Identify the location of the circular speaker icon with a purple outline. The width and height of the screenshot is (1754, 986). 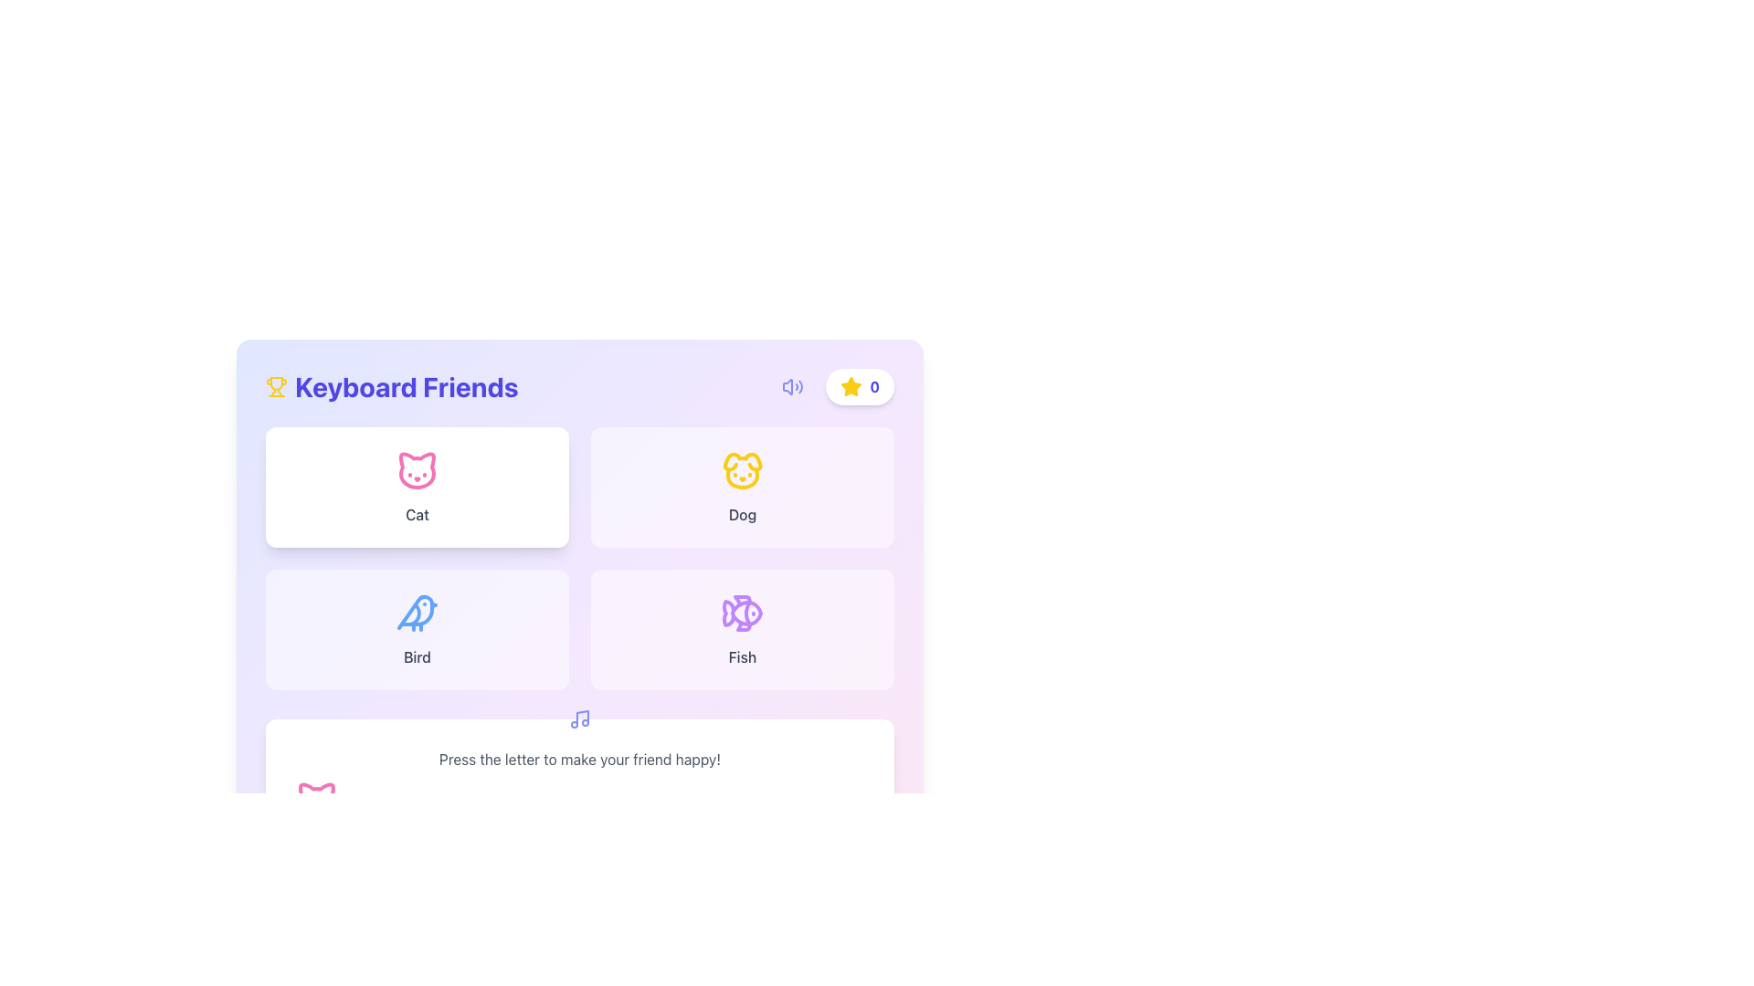
(793, 386).